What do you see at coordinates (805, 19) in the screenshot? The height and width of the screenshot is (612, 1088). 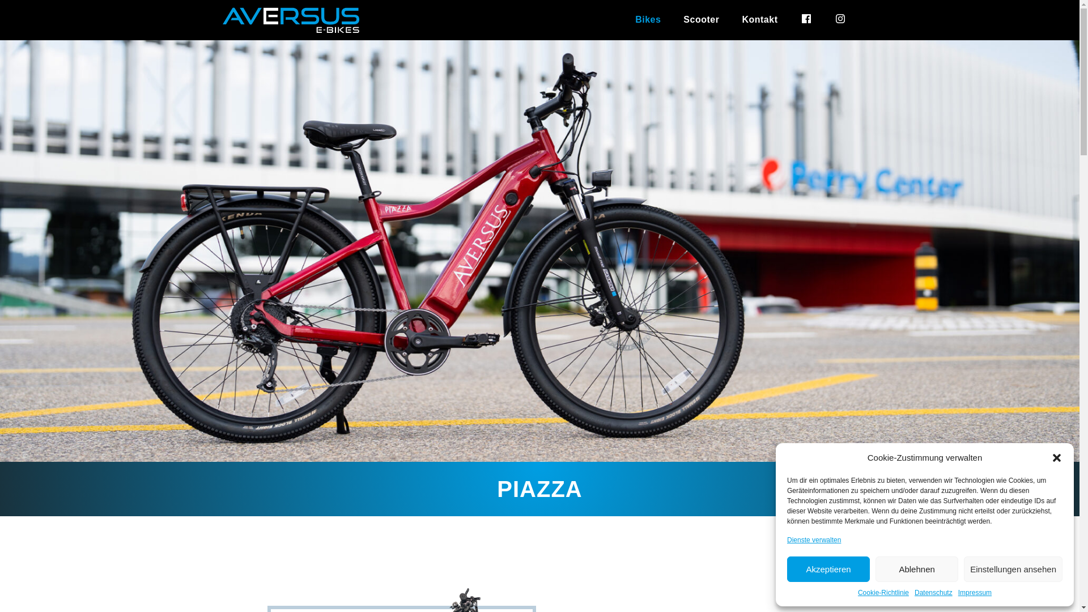 I see `'facebook'` at bounding box center [805, 19].